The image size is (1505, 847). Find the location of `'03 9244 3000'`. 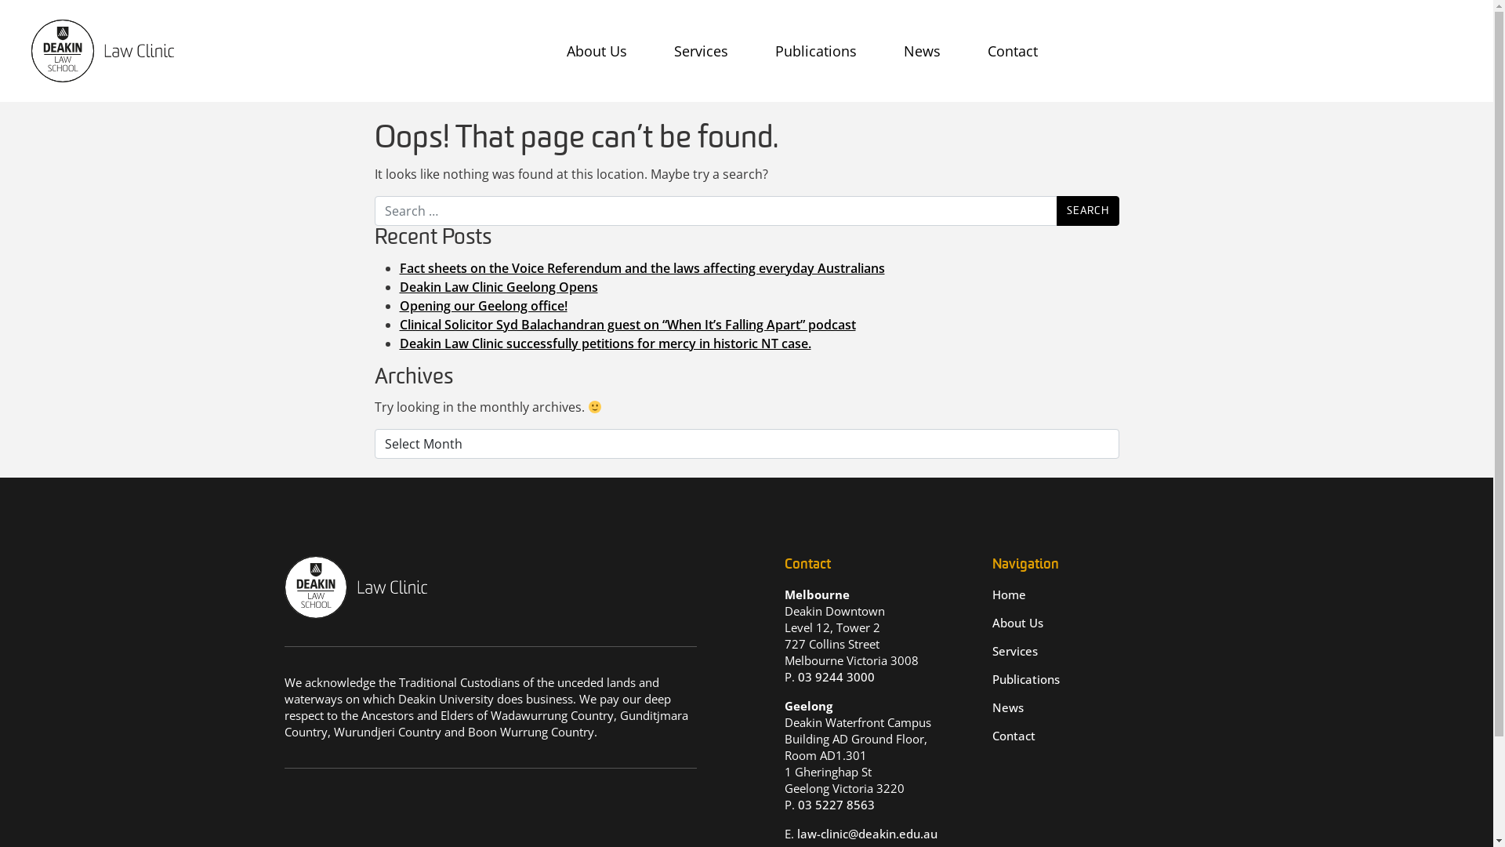

'03 9244 3000' is located at coordinates (797, 676).